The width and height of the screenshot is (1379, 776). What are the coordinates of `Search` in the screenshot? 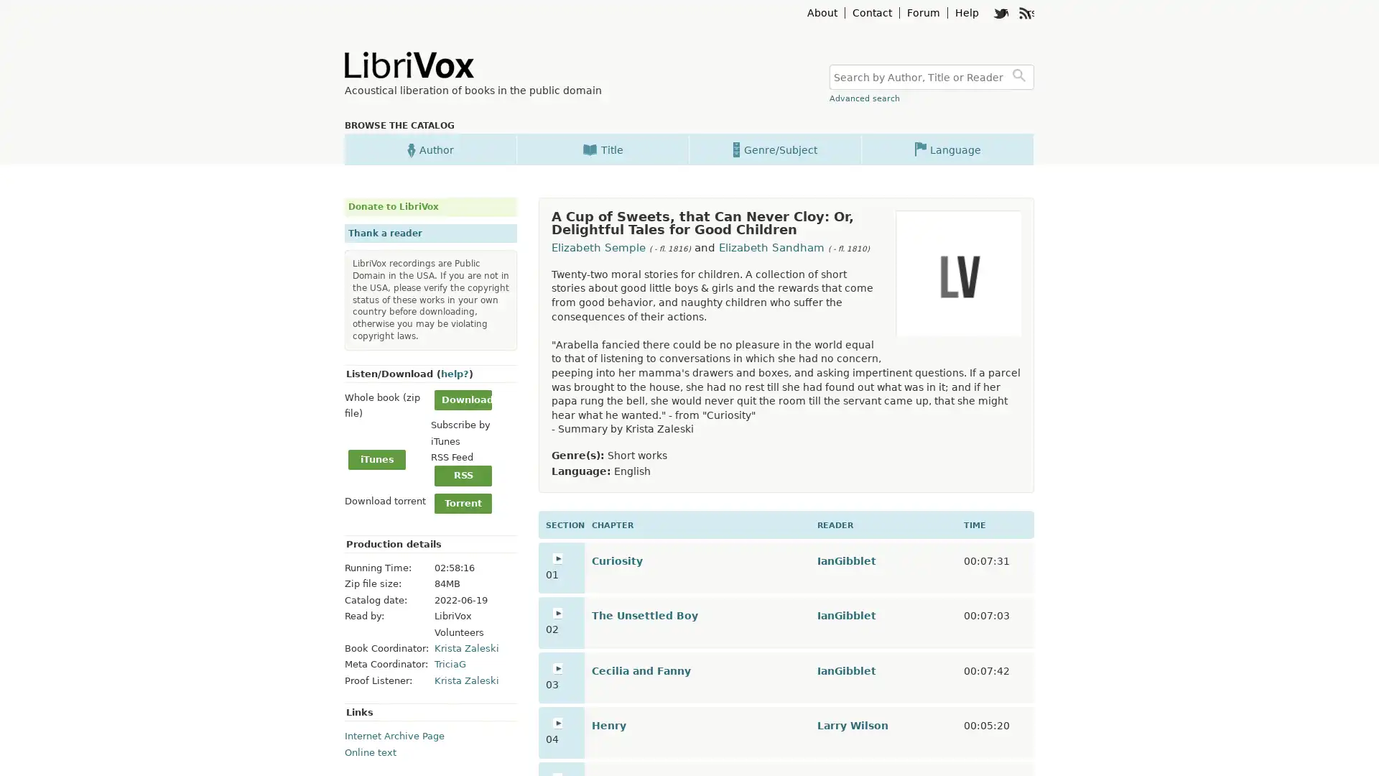 It's located at (1021, 77).